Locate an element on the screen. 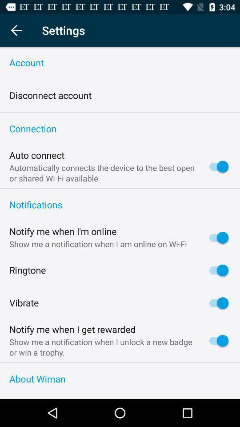 Image resolution: width=240 pixels, height=427 pixels. the connection is located at coordinates (120, 129).